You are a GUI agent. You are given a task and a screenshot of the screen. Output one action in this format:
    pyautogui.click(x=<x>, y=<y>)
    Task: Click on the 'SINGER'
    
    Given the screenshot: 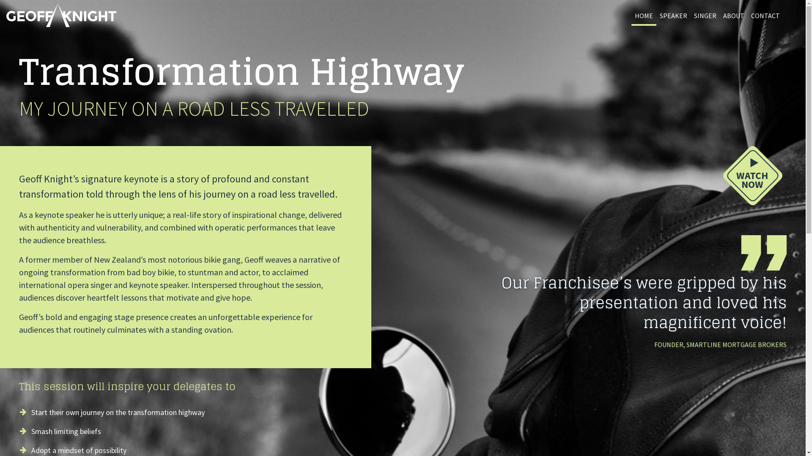 What is the action you would take?
    pyautogui.click(x=705, y=16)
    